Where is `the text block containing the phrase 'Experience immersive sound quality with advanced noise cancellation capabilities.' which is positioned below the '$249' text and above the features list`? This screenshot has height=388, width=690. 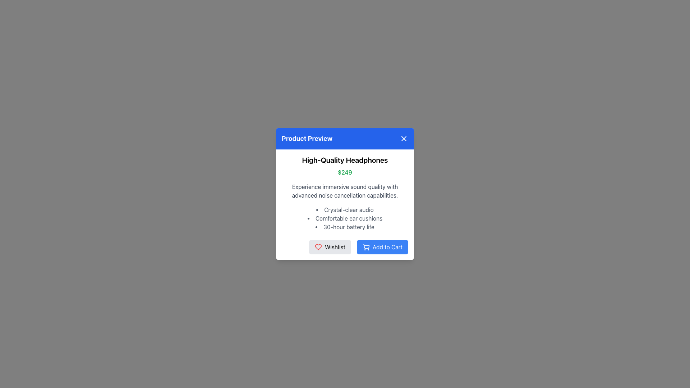 the text block containing the phrase 'Experience immersive sound quality with advanced noise cancellation capabilities.' which is positioned below the '$249' text and above the features list is located at coordinates (345, 191).